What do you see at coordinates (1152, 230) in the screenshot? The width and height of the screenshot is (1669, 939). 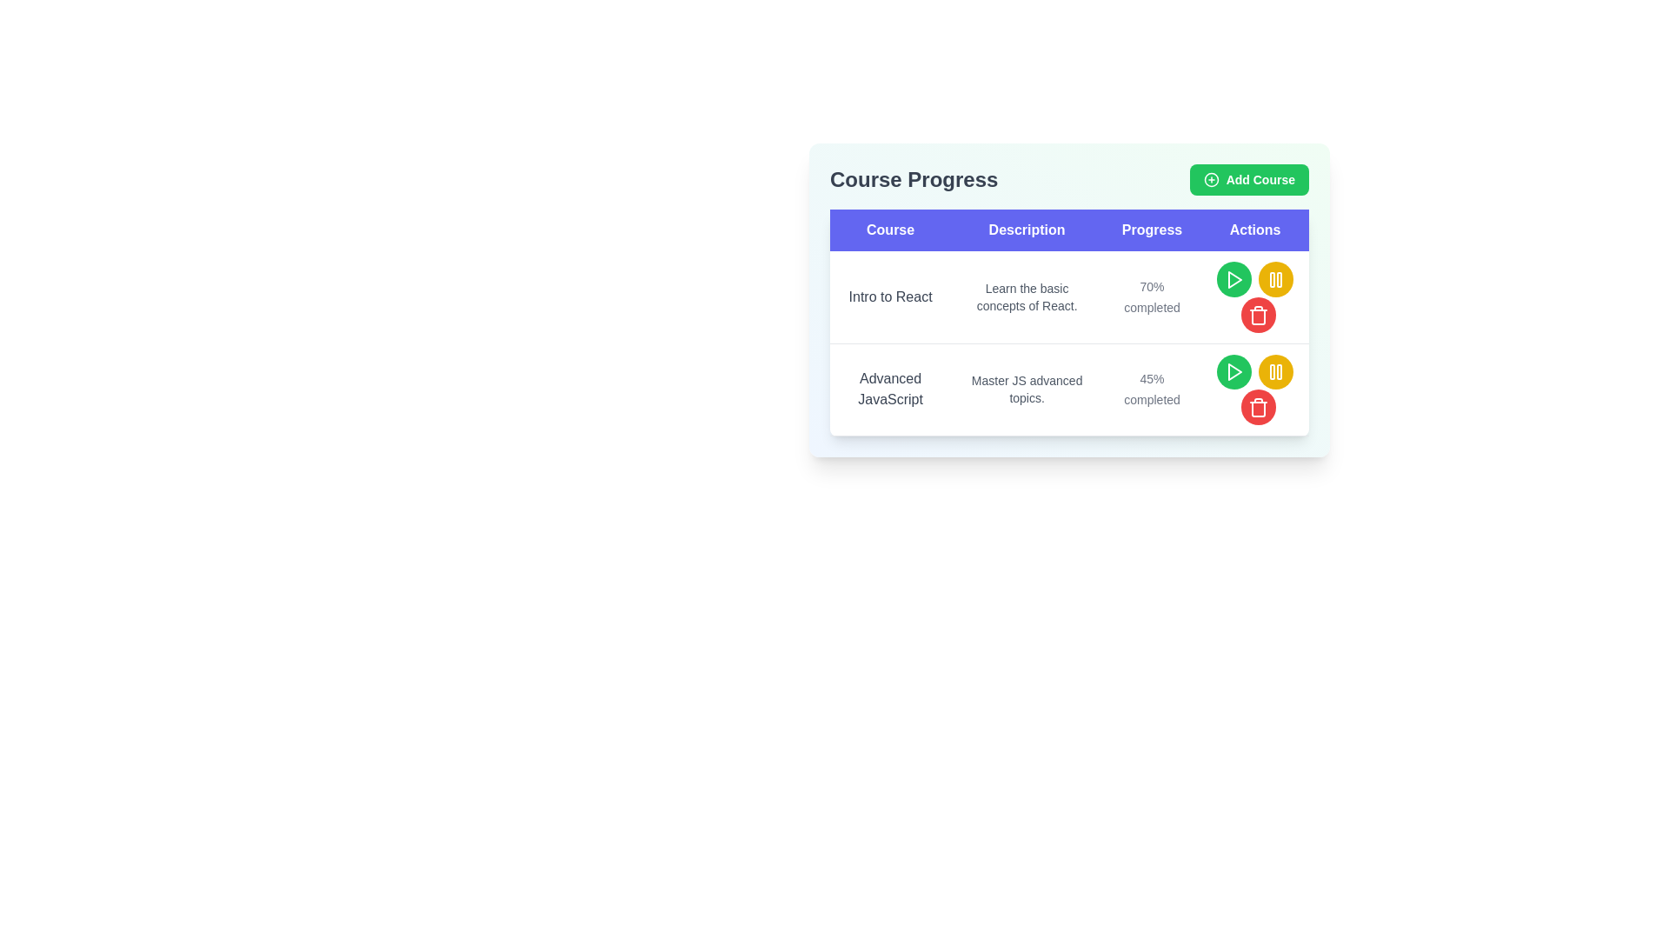 I see `the purple rectangular button labeled 'Progress'` at bounding box center [1152, 230].